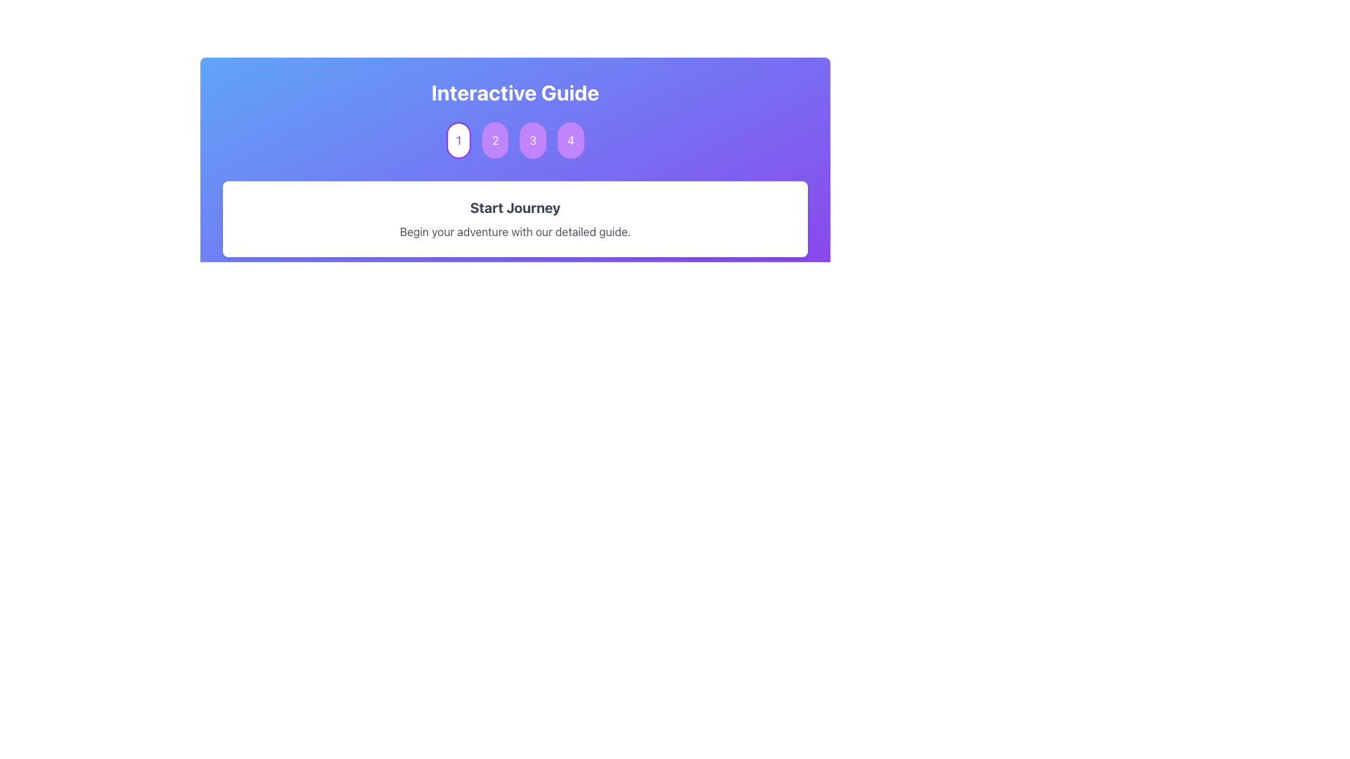 The height and width of the screenshot is (759, 1350). What do you see at coordinates (495, 141) in the screenshot?
I see `the circular button with a purple background and white text displaying the number '2', which is the second button in the row beneath the 'Interactive Guide' header` at bounding box center [495, 141].